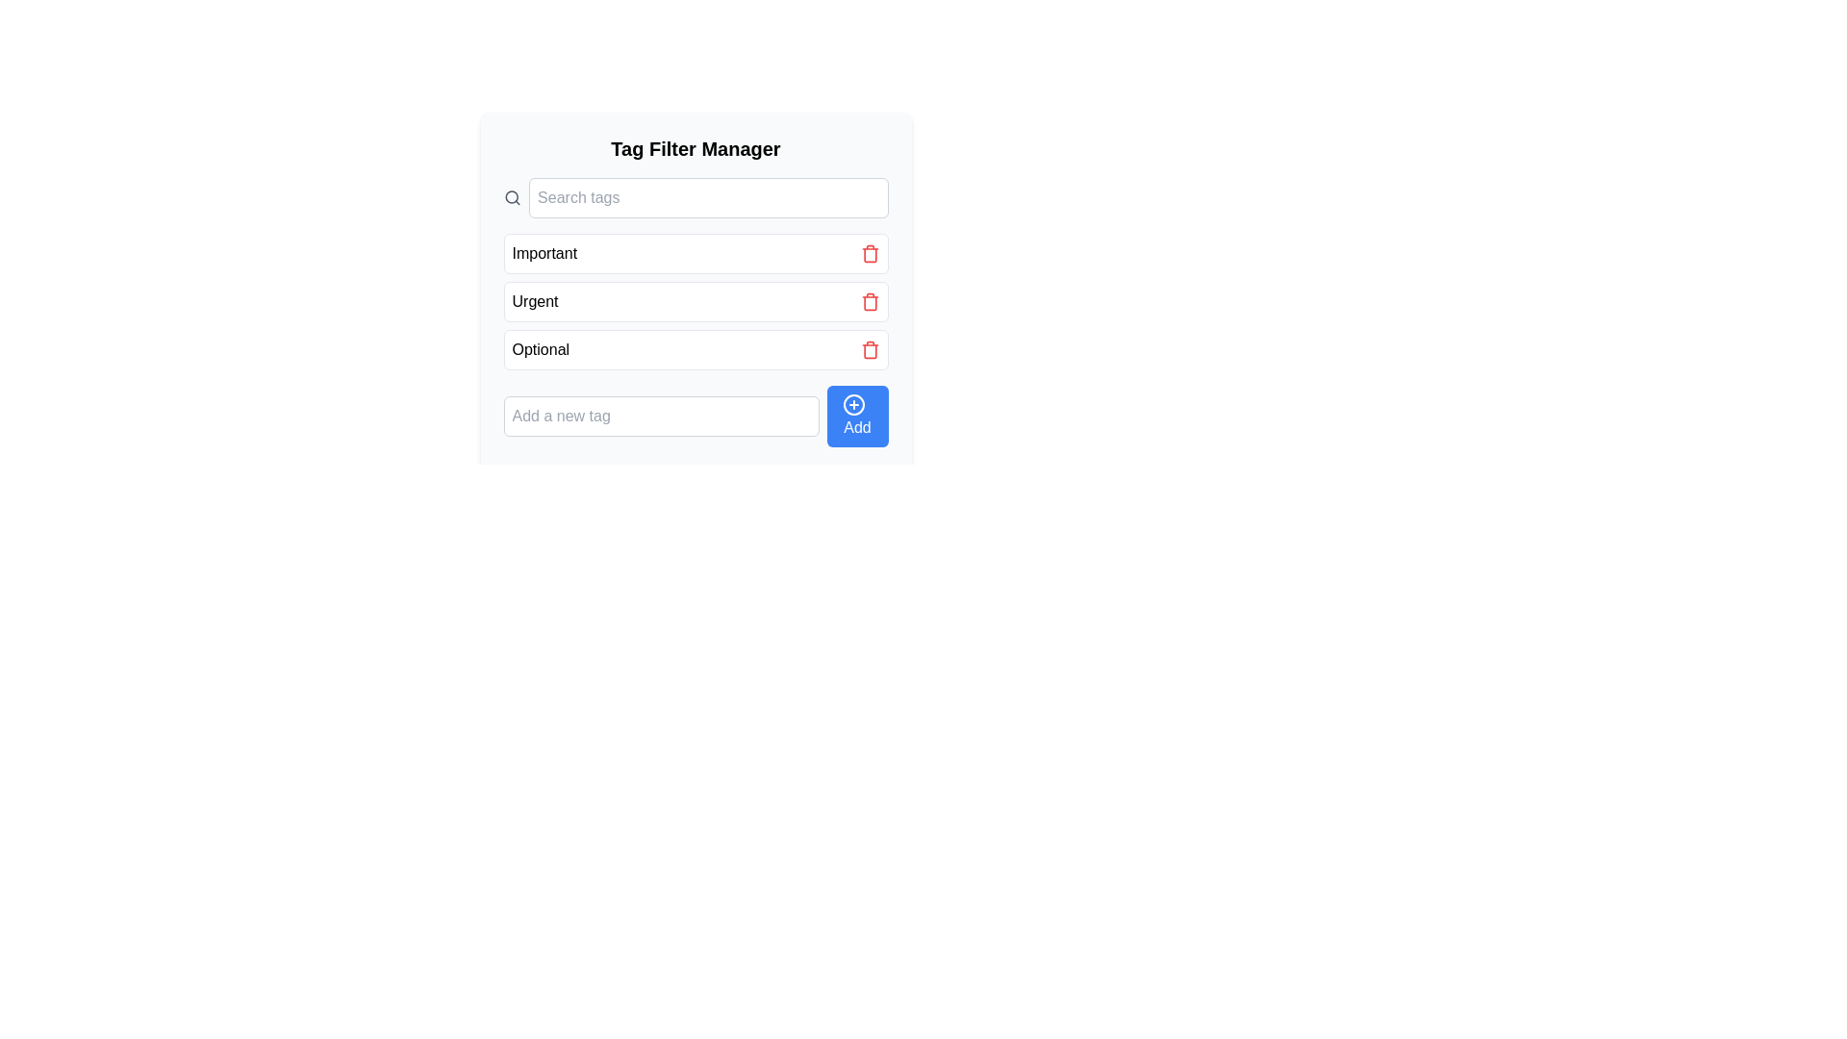 Image resolution: width=1847 pixels, height=1039 pixels. What do you see at coordinates (707, 197) in the screenshot?
I see `the search input box in the 'Tag Filter Manager' section to focus on it for tag input` at bounding box center [707, 197].